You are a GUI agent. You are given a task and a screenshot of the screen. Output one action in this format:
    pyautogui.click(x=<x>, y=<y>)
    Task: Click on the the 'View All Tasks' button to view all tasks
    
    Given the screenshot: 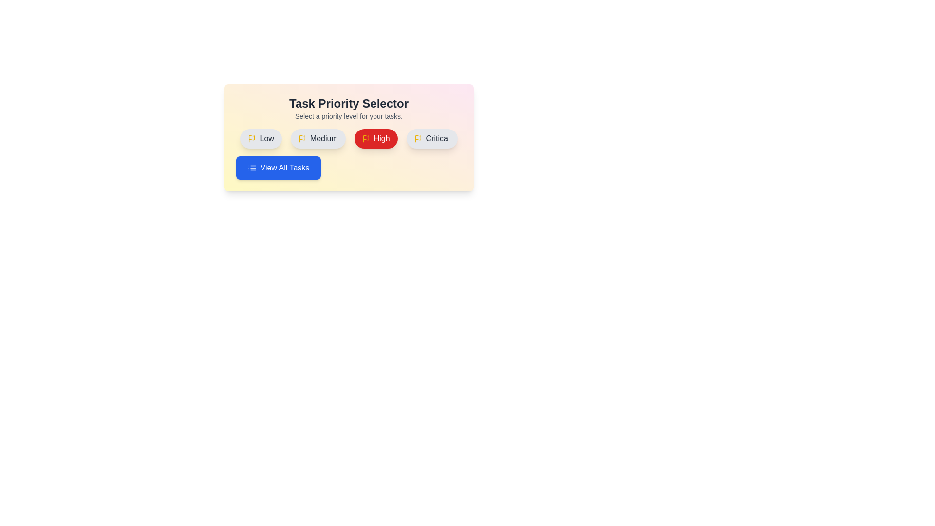 What is the action you would take?
    pyautogui.click(x=278, y=167)
    